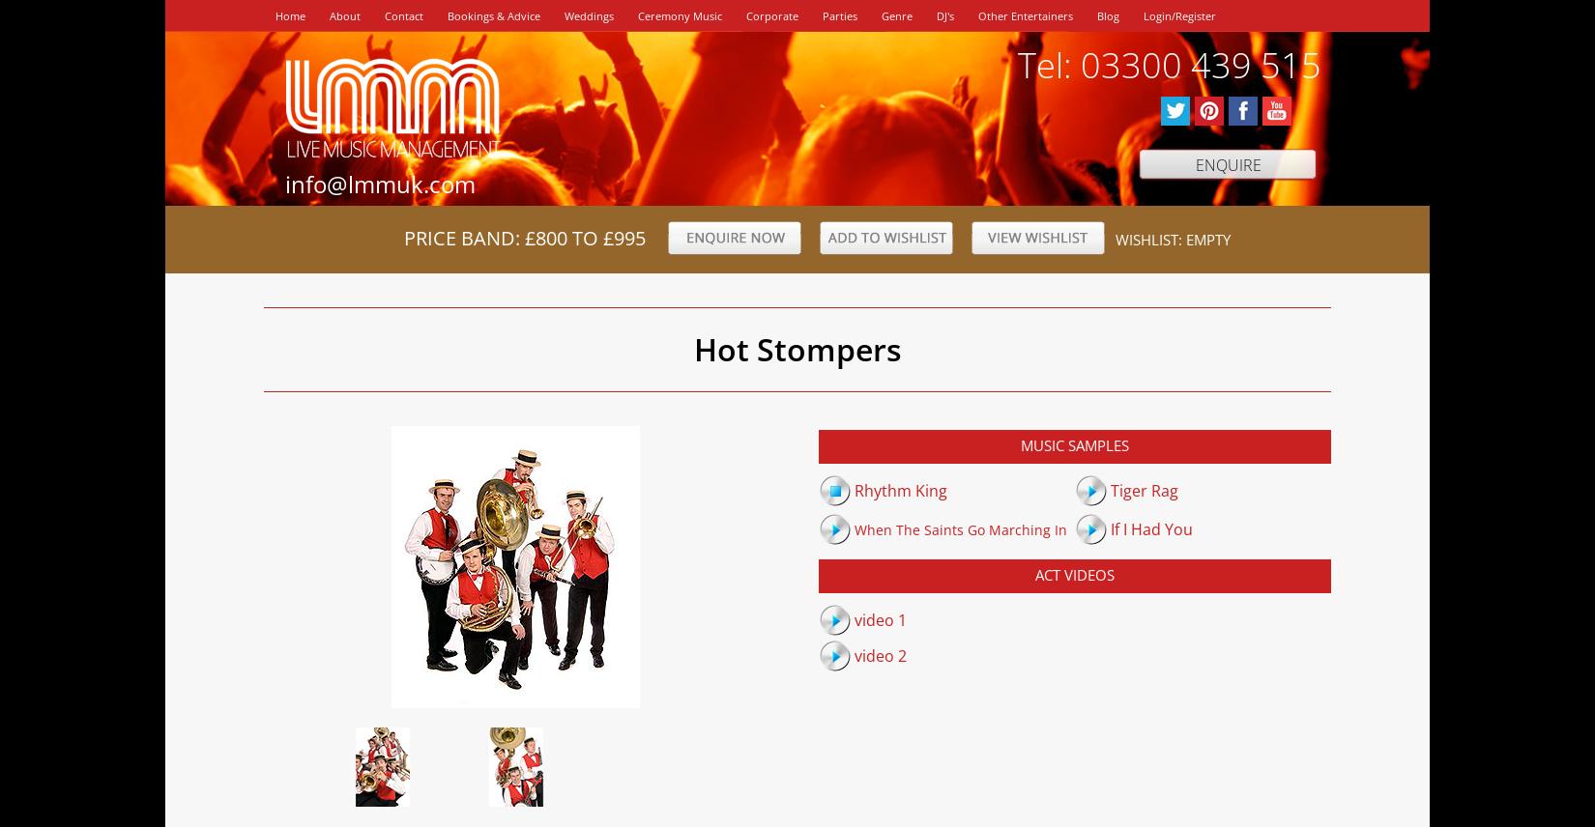 This screenshot has height=827, width=1595. Describe the element at coordinates (880, 617) in the screenshot. I see `'video 1'` at that location.